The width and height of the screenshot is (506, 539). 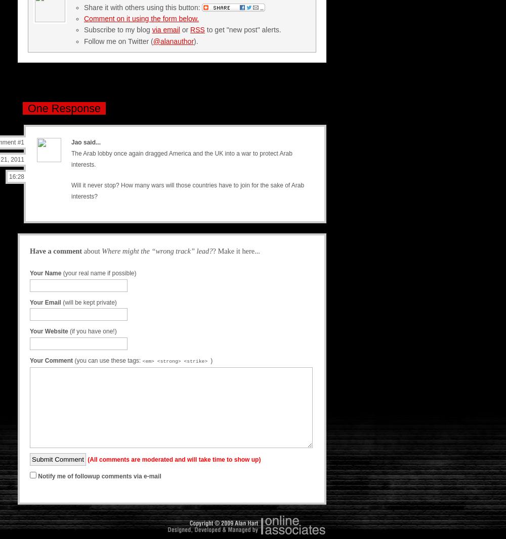 What do you see at coordinates (98, 273) in the screenshot?
I see `'(your real name if possible)'` at bounding box center [98, 273].